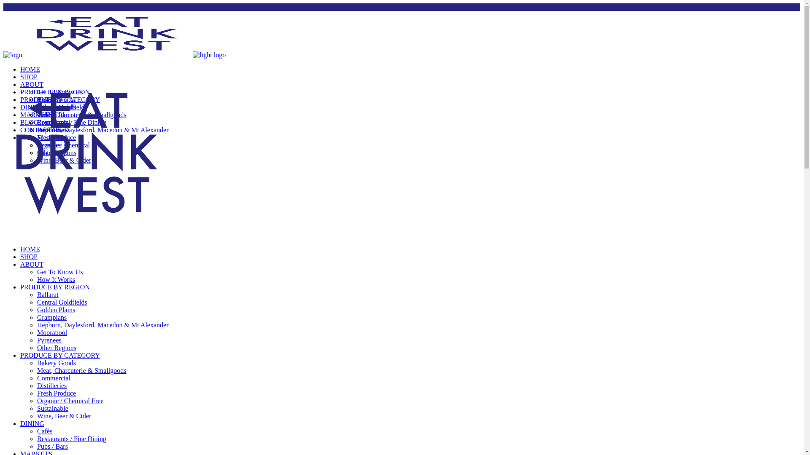  Describe the element at coordinates (102, 324) in the screenshot. I see `'Hepburn, Daylesford, Macedon & Mt Alexander'` at that location.